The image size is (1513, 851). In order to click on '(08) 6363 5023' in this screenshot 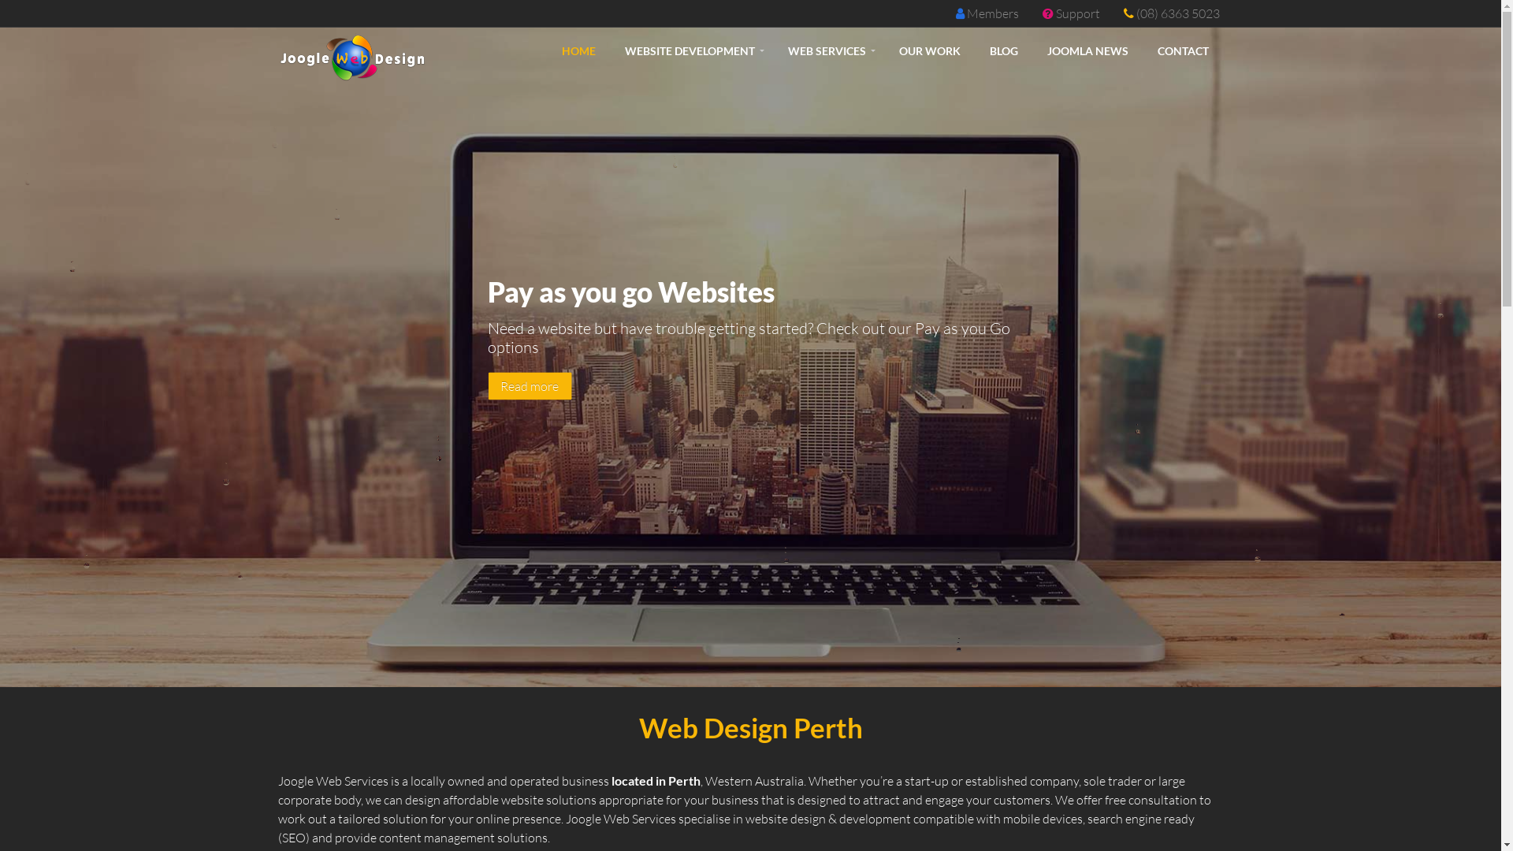, I will do `click(1177, 13)`.